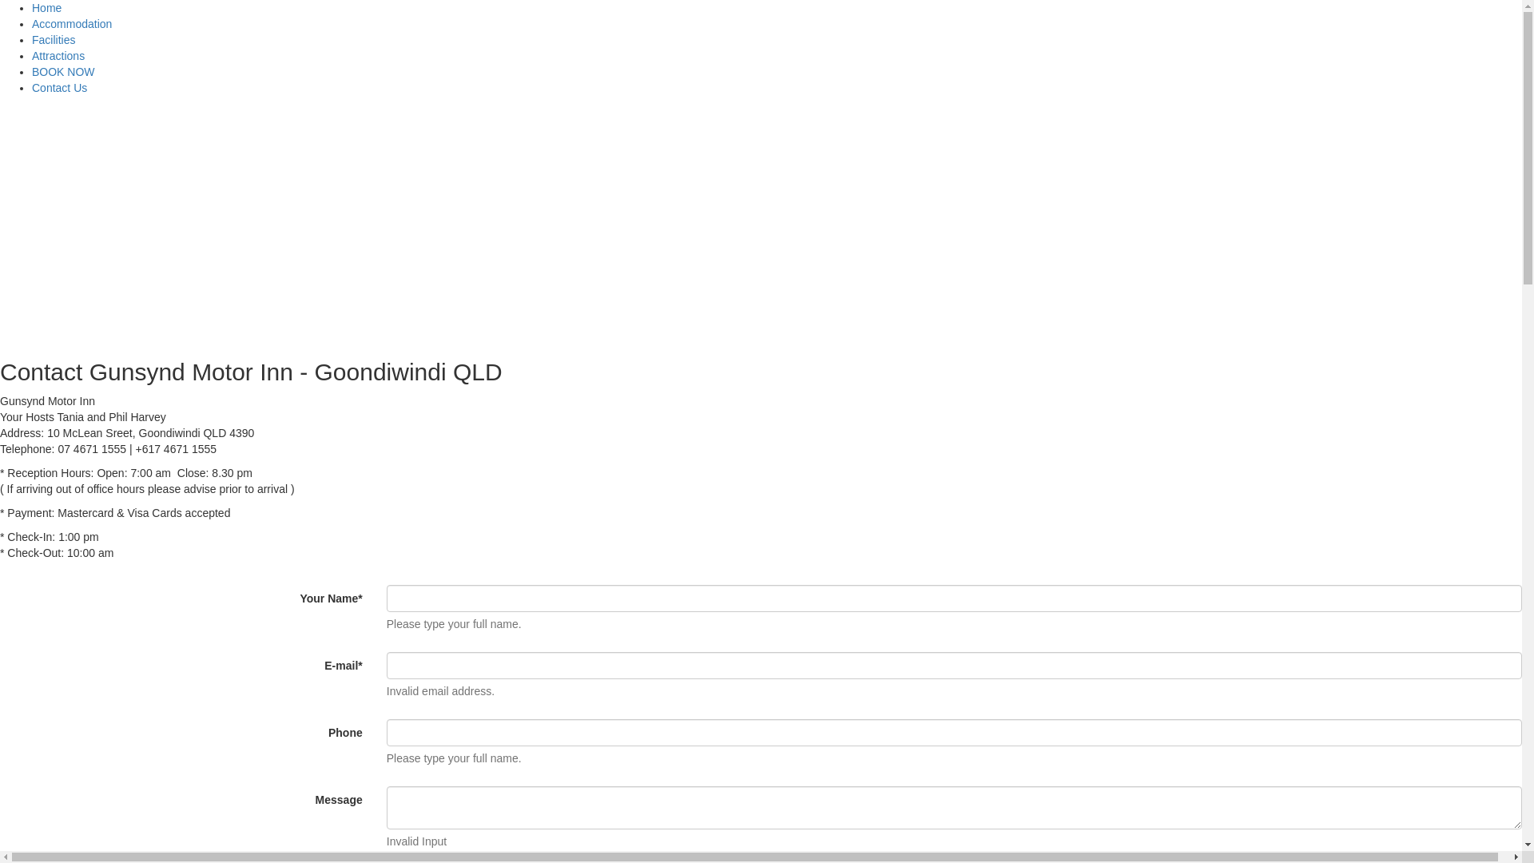 This screenshot has width=1534, height=863. What do you see at coordinates (71, 24) in the screenshot?
I see `'Accommodation'` at bounding box center [71, 24].